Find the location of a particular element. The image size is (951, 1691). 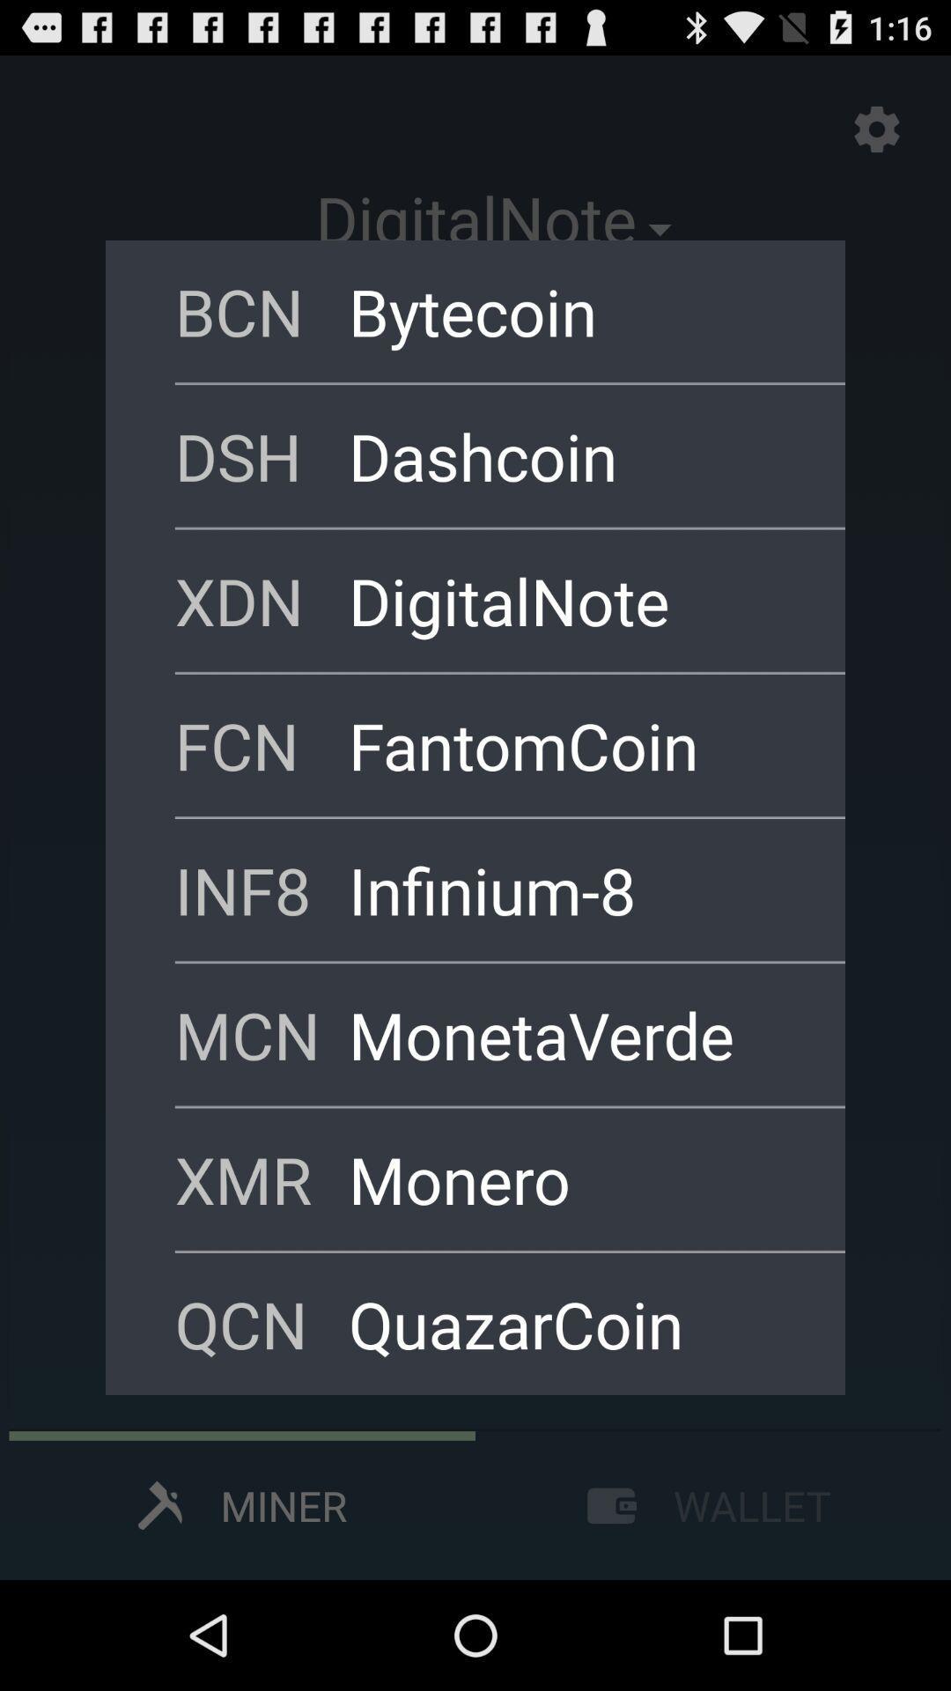

item above inf8 is located at coordinates (573, 745).